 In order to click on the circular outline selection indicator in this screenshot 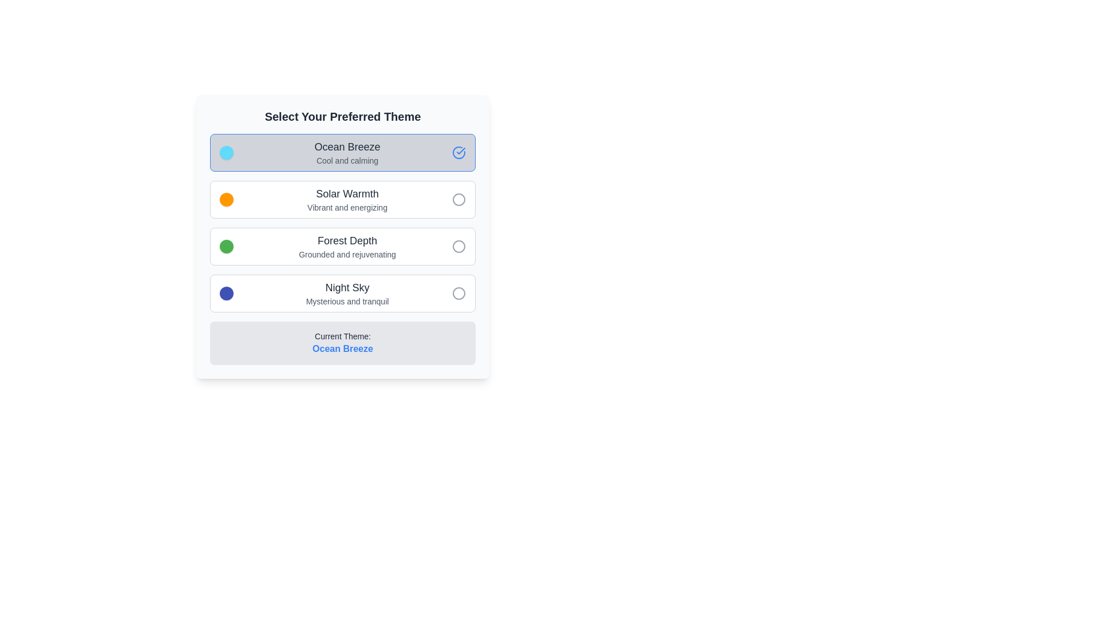, I will do `click(458, 199)`.